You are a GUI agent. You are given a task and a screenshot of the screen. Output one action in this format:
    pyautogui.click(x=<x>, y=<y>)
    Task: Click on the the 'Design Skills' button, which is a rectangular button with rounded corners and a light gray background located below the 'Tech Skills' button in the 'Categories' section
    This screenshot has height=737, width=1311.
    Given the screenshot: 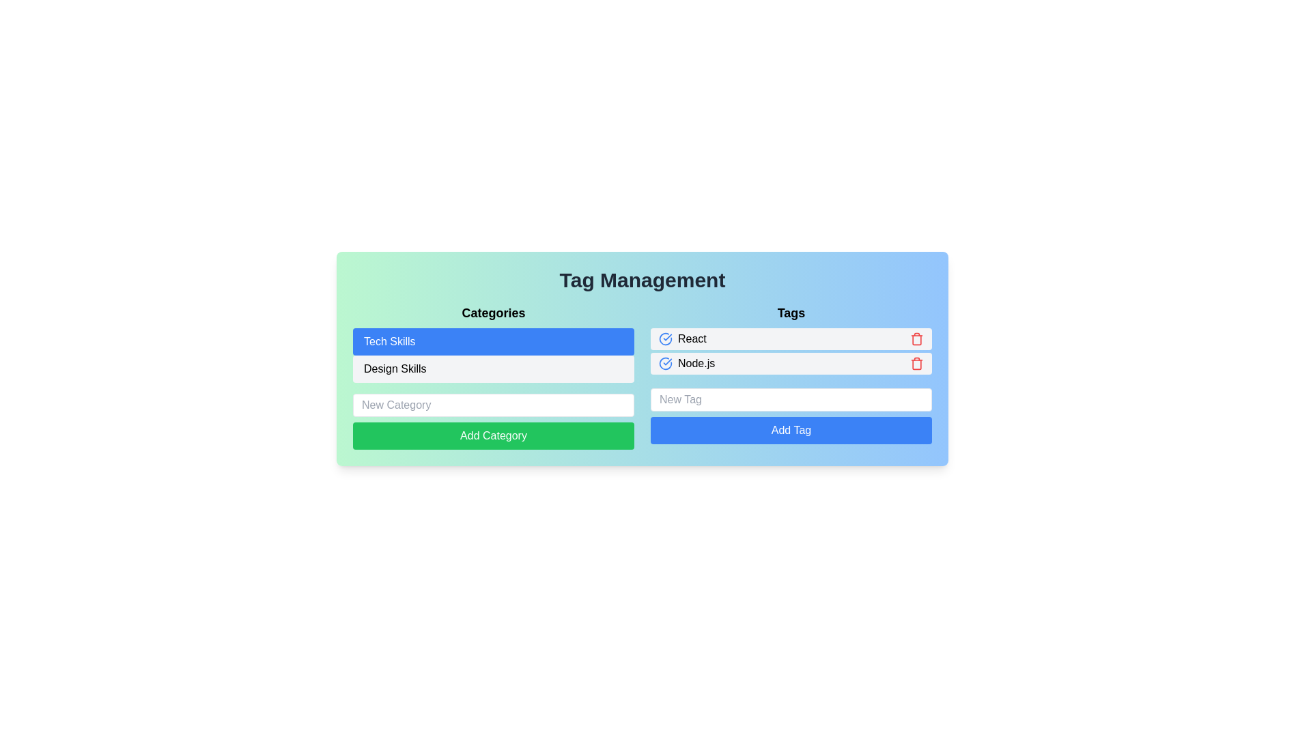 What is the action you would take?
    pyautogui.click(x=493, y=369)
    